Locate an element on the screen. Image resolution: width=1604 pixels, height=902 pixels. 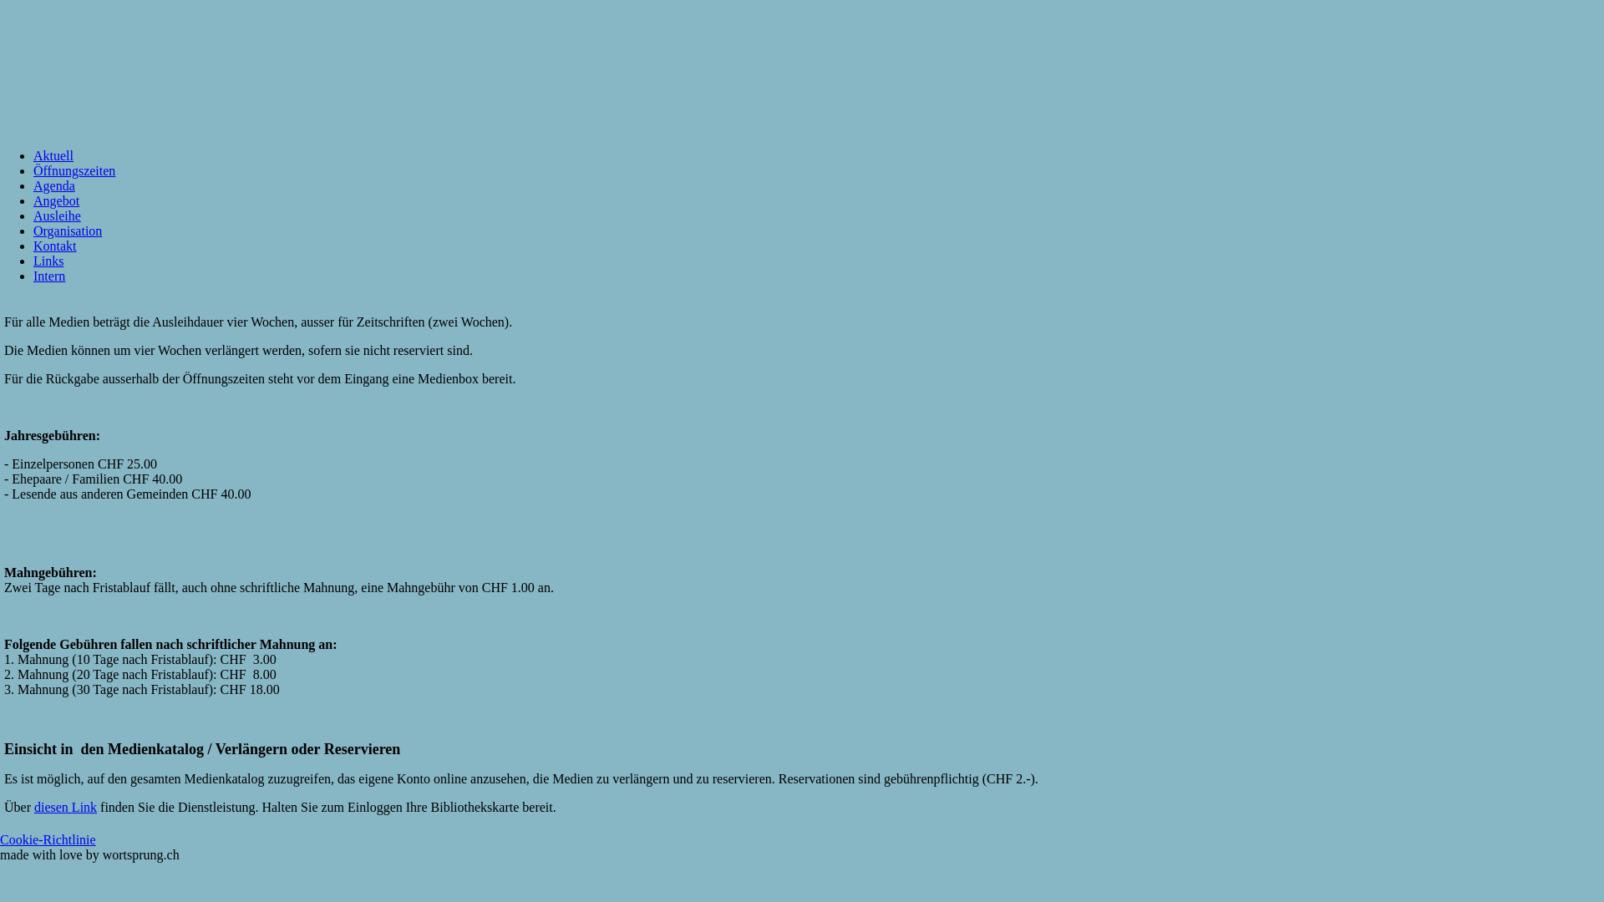
'Intern' is located at coordinates (48, 275).